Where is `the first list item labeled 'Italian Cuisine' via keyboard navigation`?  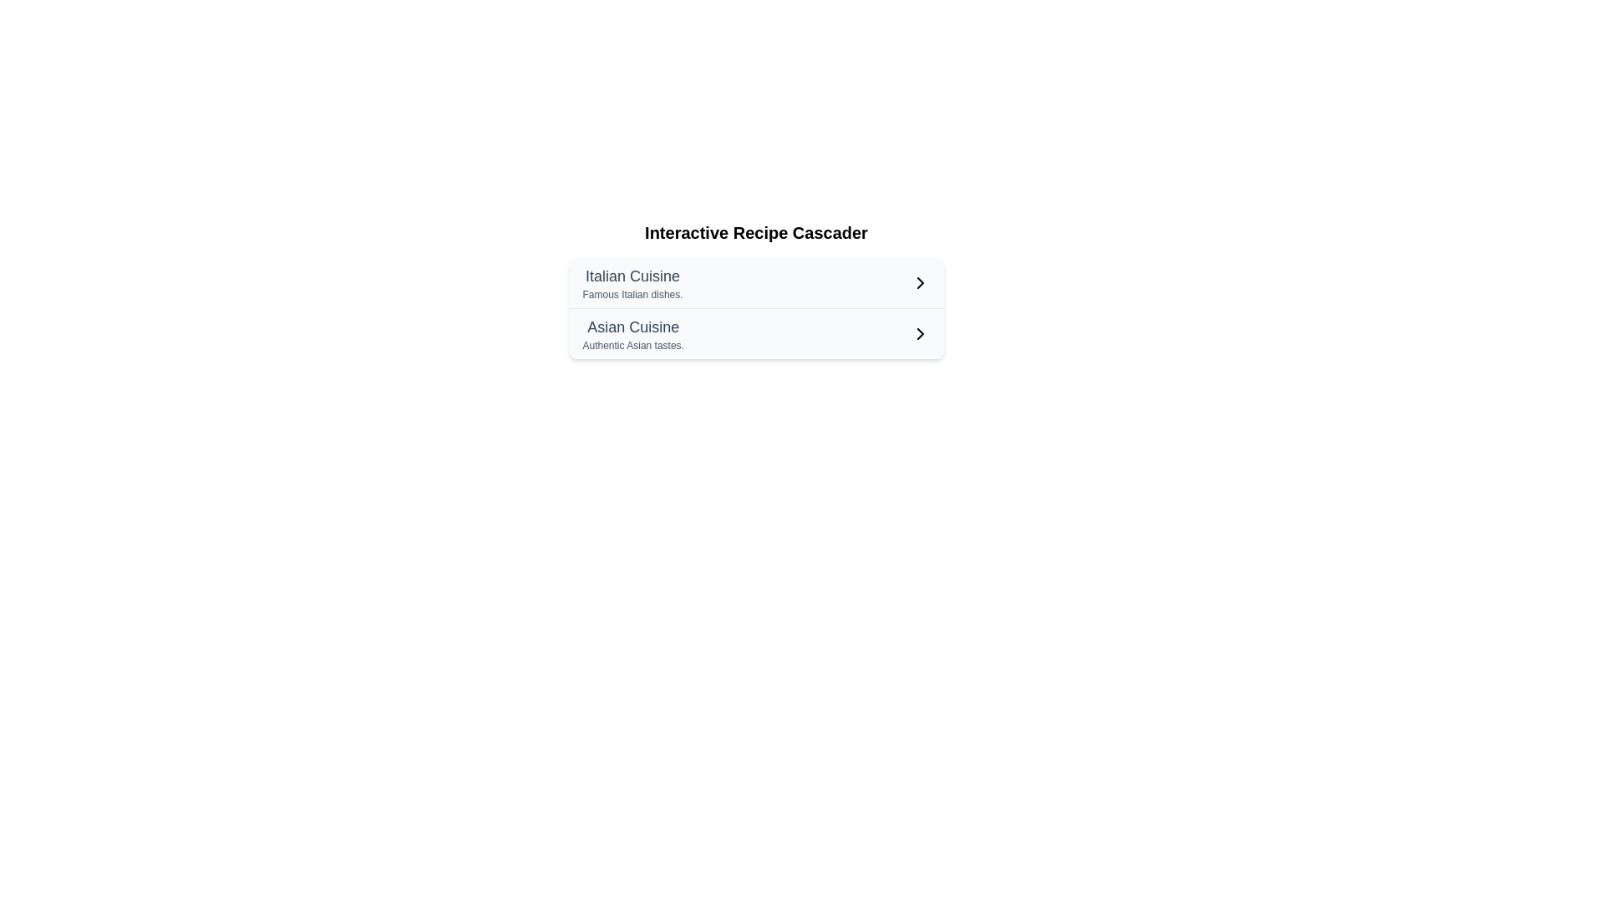
the first list item labeled 'Italian Cuisine' via keyboard navigation is located at coordinates (755, 282).